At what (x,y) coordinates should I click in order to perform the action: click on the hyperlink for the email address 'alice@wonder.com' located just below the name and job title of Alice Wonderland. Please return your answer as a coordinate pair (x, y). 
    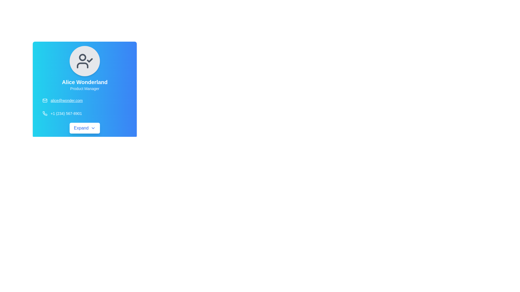
    Looking at the image, I should click on (84, 100).